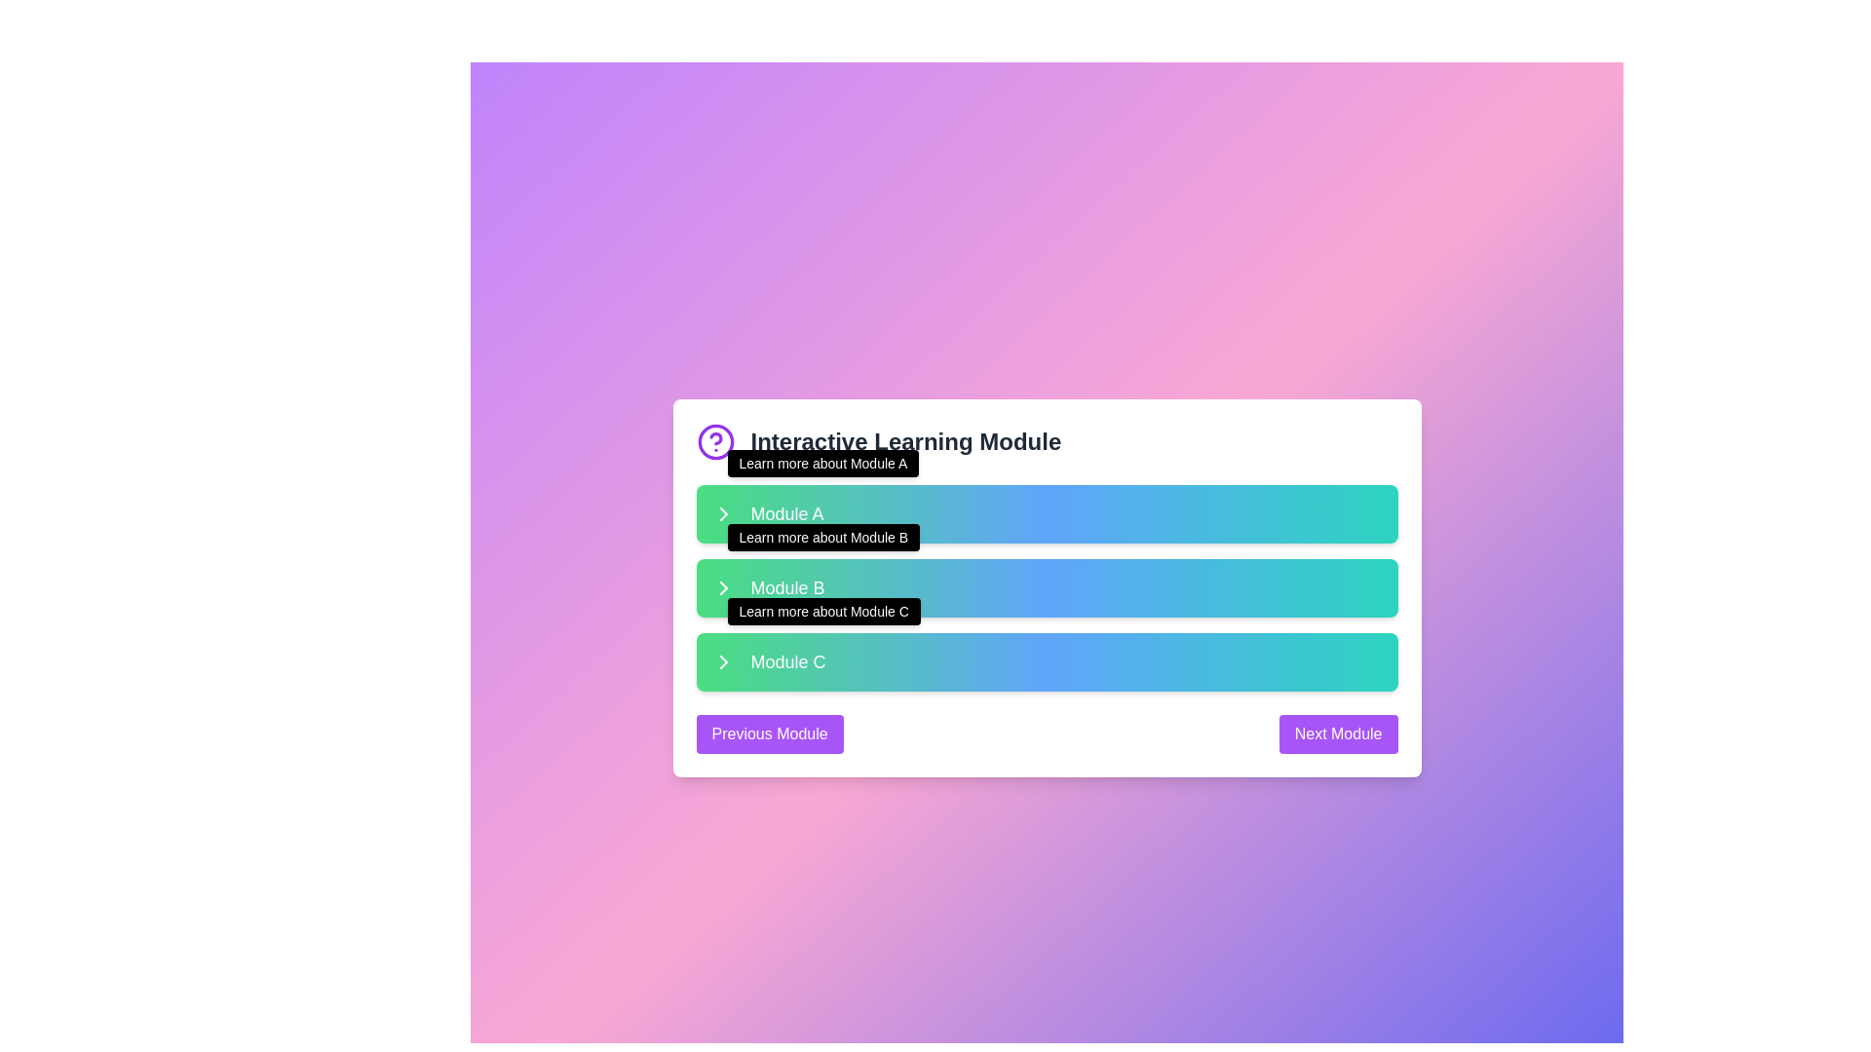 The width and height of the screenshot is (1871, 1052). I want to click on the Tooltip that provides additional information about Module C, located directly above the Module C panel, so click(823, 611).